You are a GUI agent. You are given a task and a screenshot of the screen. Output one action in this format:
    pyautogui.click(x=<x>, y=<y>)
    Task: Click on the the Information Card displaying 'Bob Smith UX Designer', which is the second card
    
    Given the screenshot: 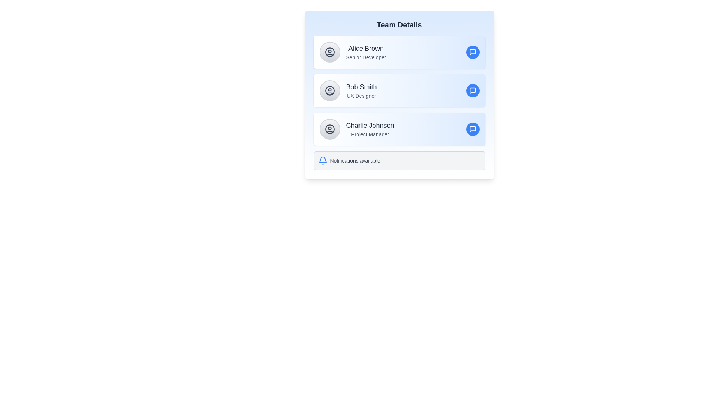 What is the action you would take?
    pyautogui.click(x=399, y=94)
    